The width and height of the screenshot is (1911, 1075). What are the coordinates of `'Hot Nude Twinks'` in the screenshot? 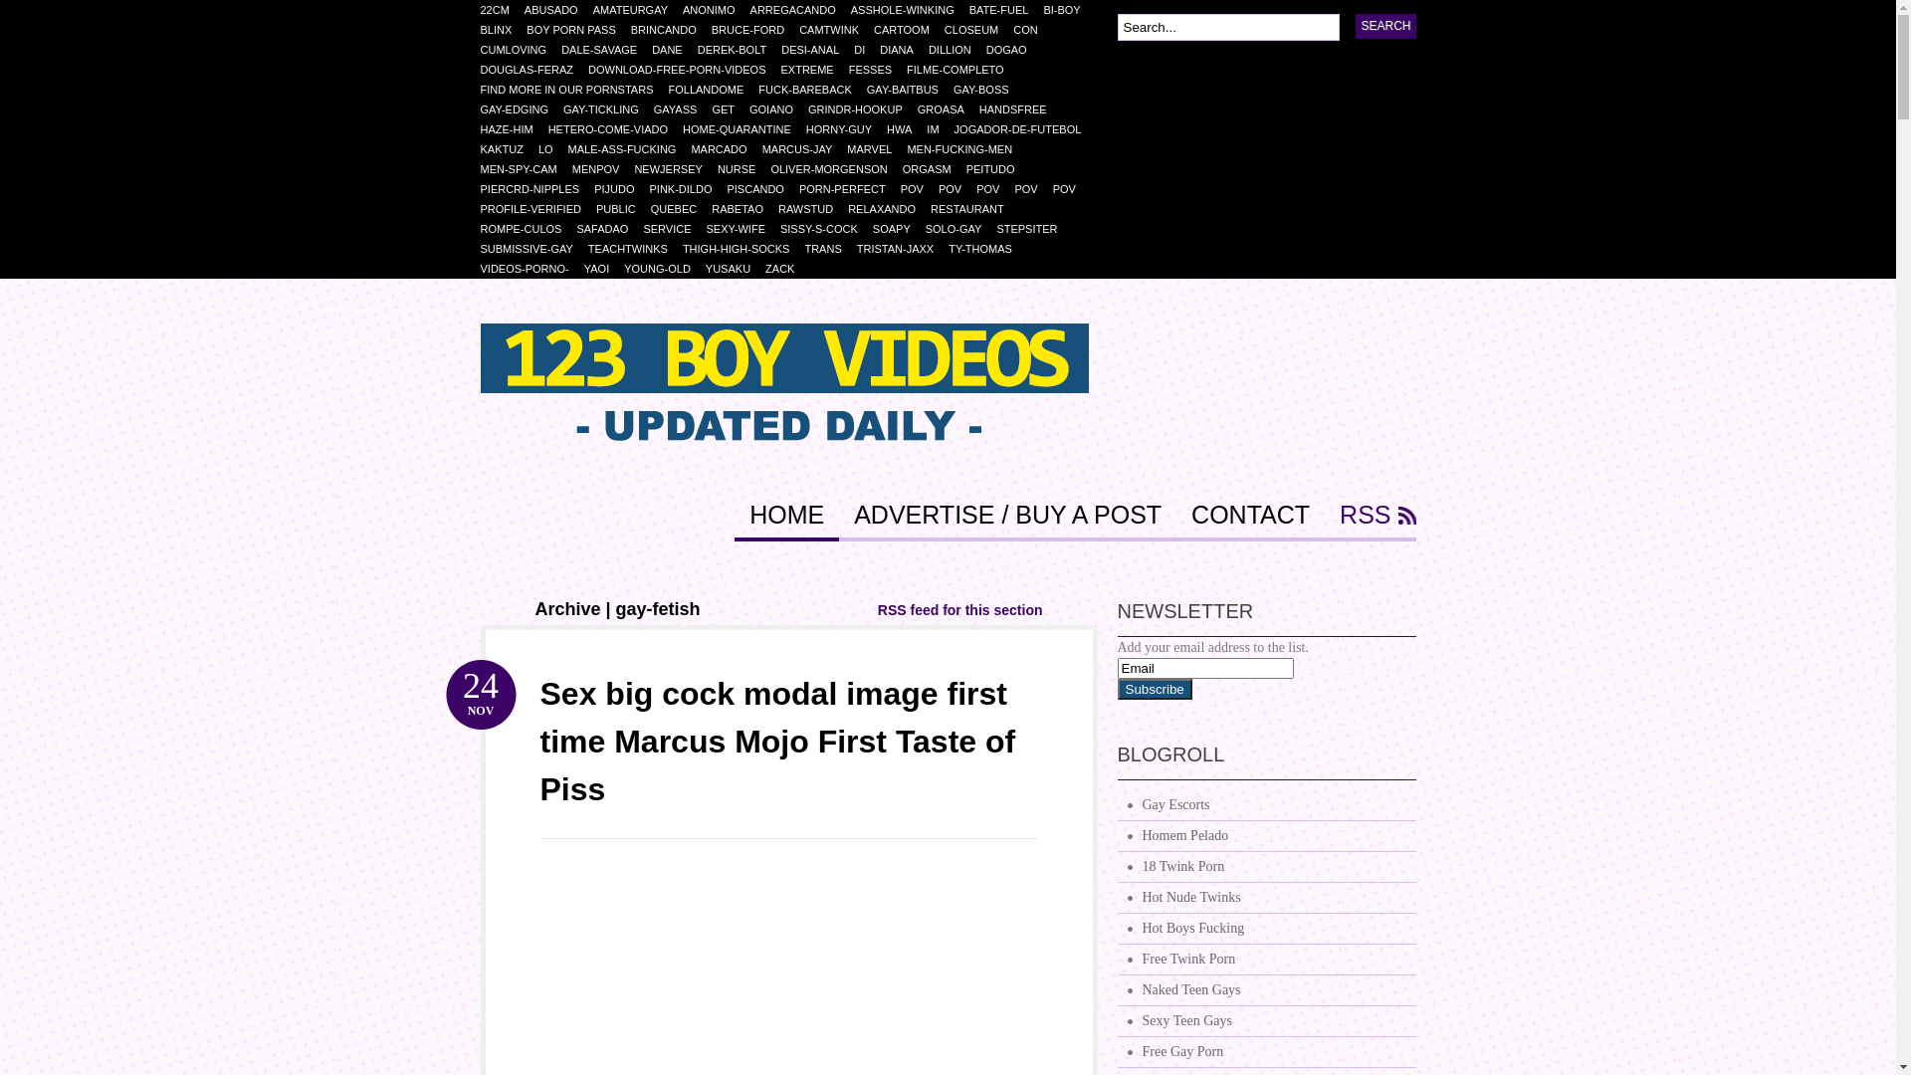 It's located at (1265, 898).